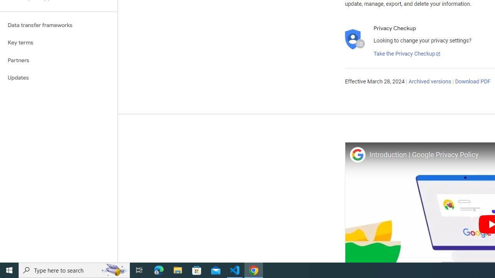 Image resolution: width=495 pixels, height=278 pixels. What do you see at coordinates (357, 154) in the screenshot?
I see `'Photo image of Google'` at bounding box center [357, 154].